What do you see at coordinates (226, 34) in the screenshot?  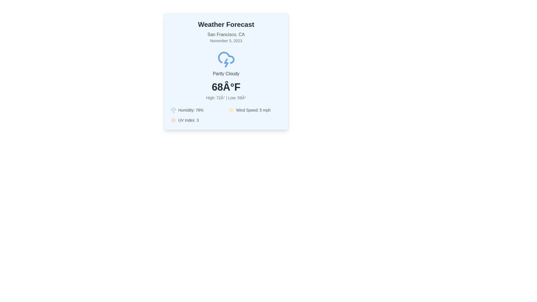 I see `the text label displaying 'San Francisco, CA' located within the weather-related informational card, positioned below 'Weather Forecast' and above 'November 5, 2023'` at bounding box center [226, 34].